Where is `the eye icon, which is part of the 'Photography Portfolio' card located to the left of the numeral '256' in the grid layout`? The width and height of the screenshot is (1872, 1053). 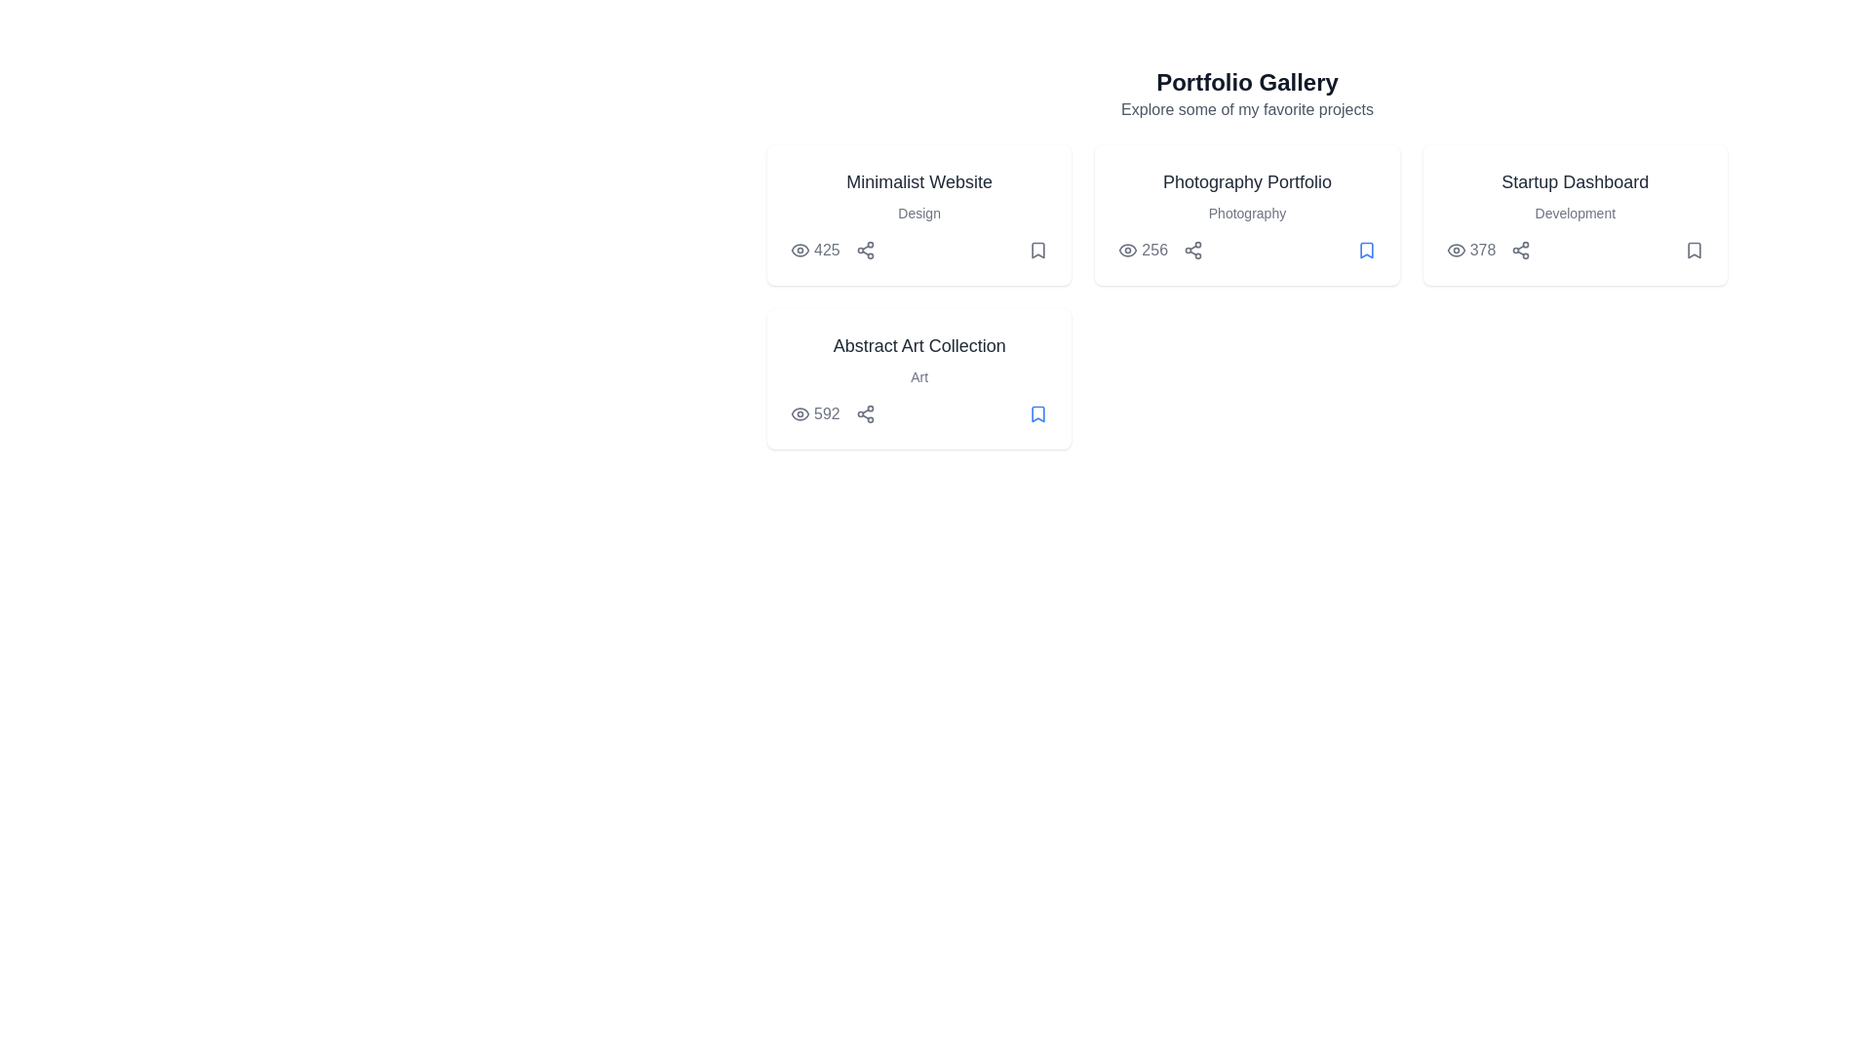
the eye icon, which is part of the 'Photography Portfolio' card located to the left of the numeral '256' in the grid layout is located at coordinates (1128, 250).